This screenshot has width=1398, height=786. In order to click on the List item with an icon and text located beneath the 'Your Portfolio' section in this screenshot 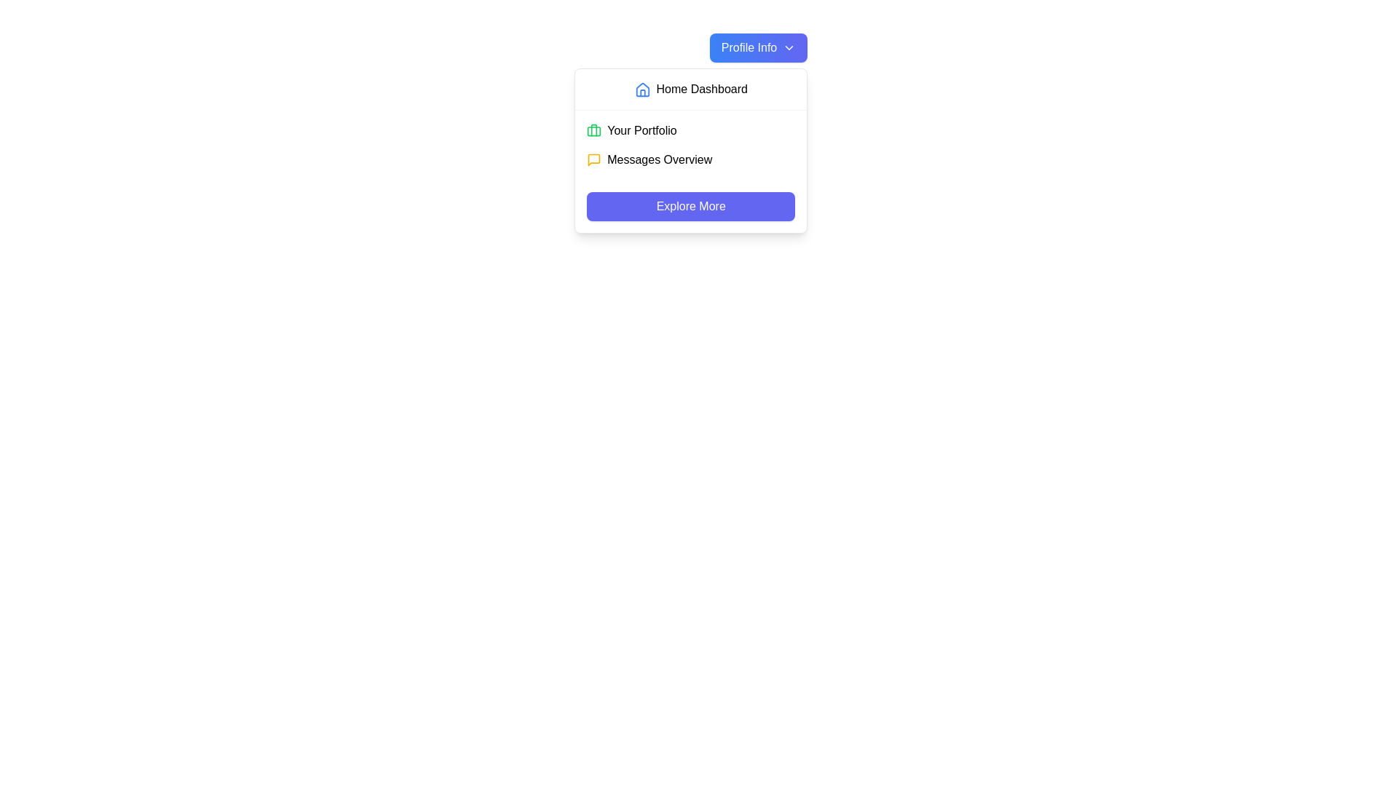, I will do `click(690, 159)`.